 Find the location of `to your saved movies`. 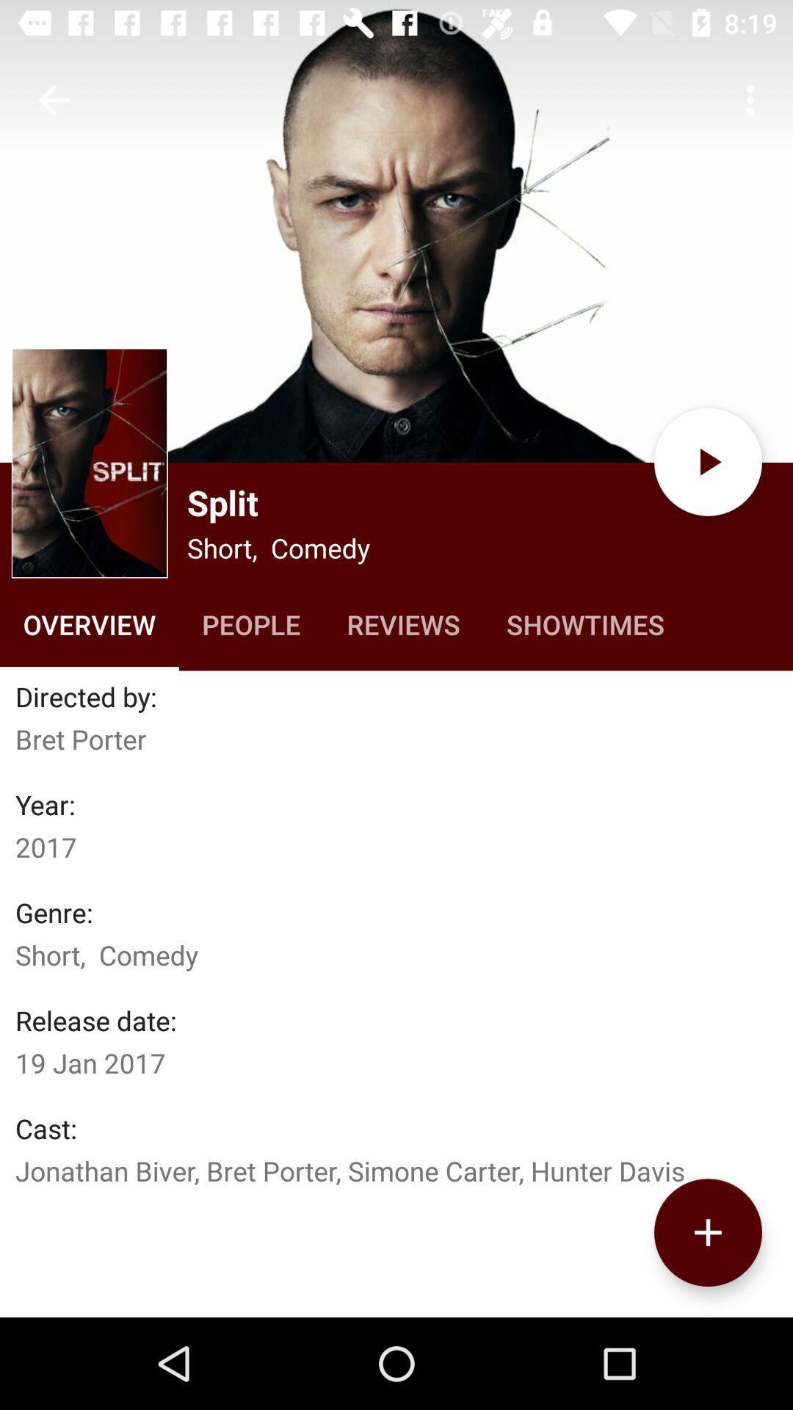

to your saved movies is located at coordinates (707, 1232).